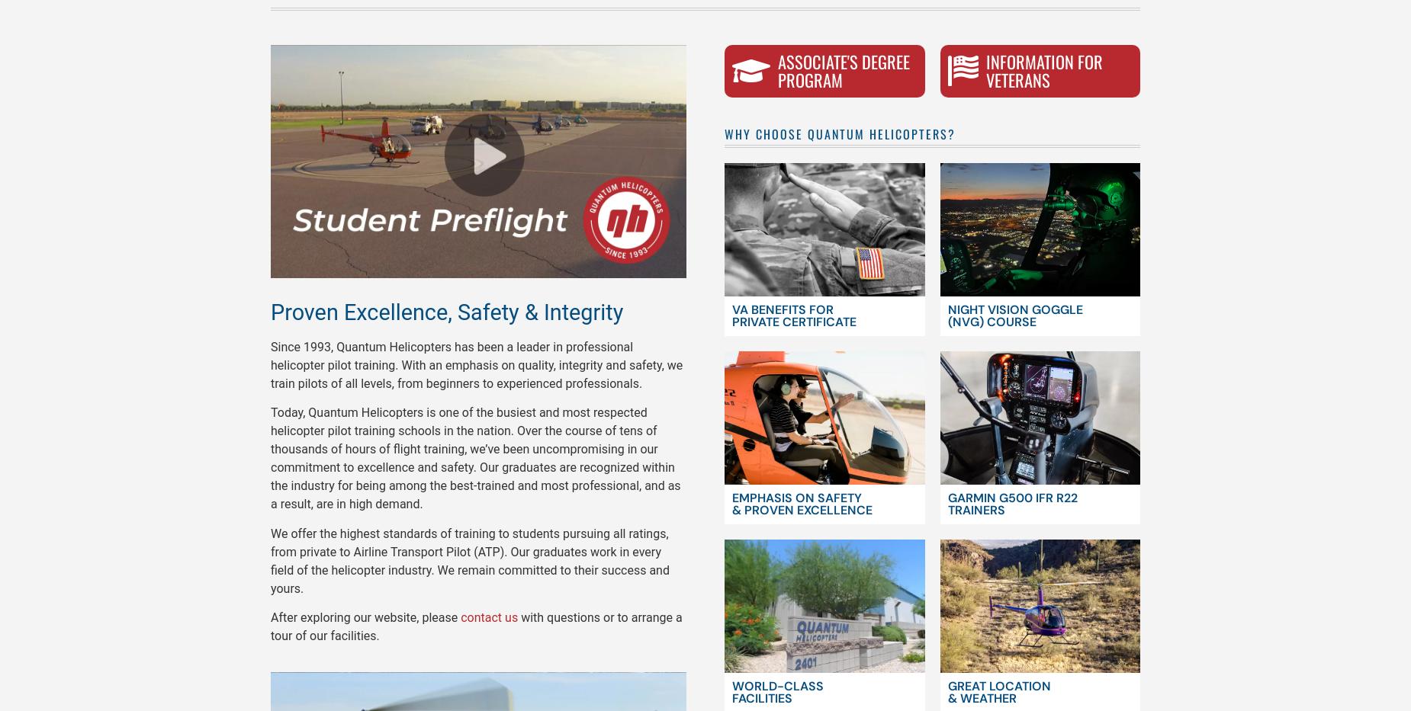  Describe the element at coordinates (981, 698) in the screenshot. I see `'& Weather'` at that location.